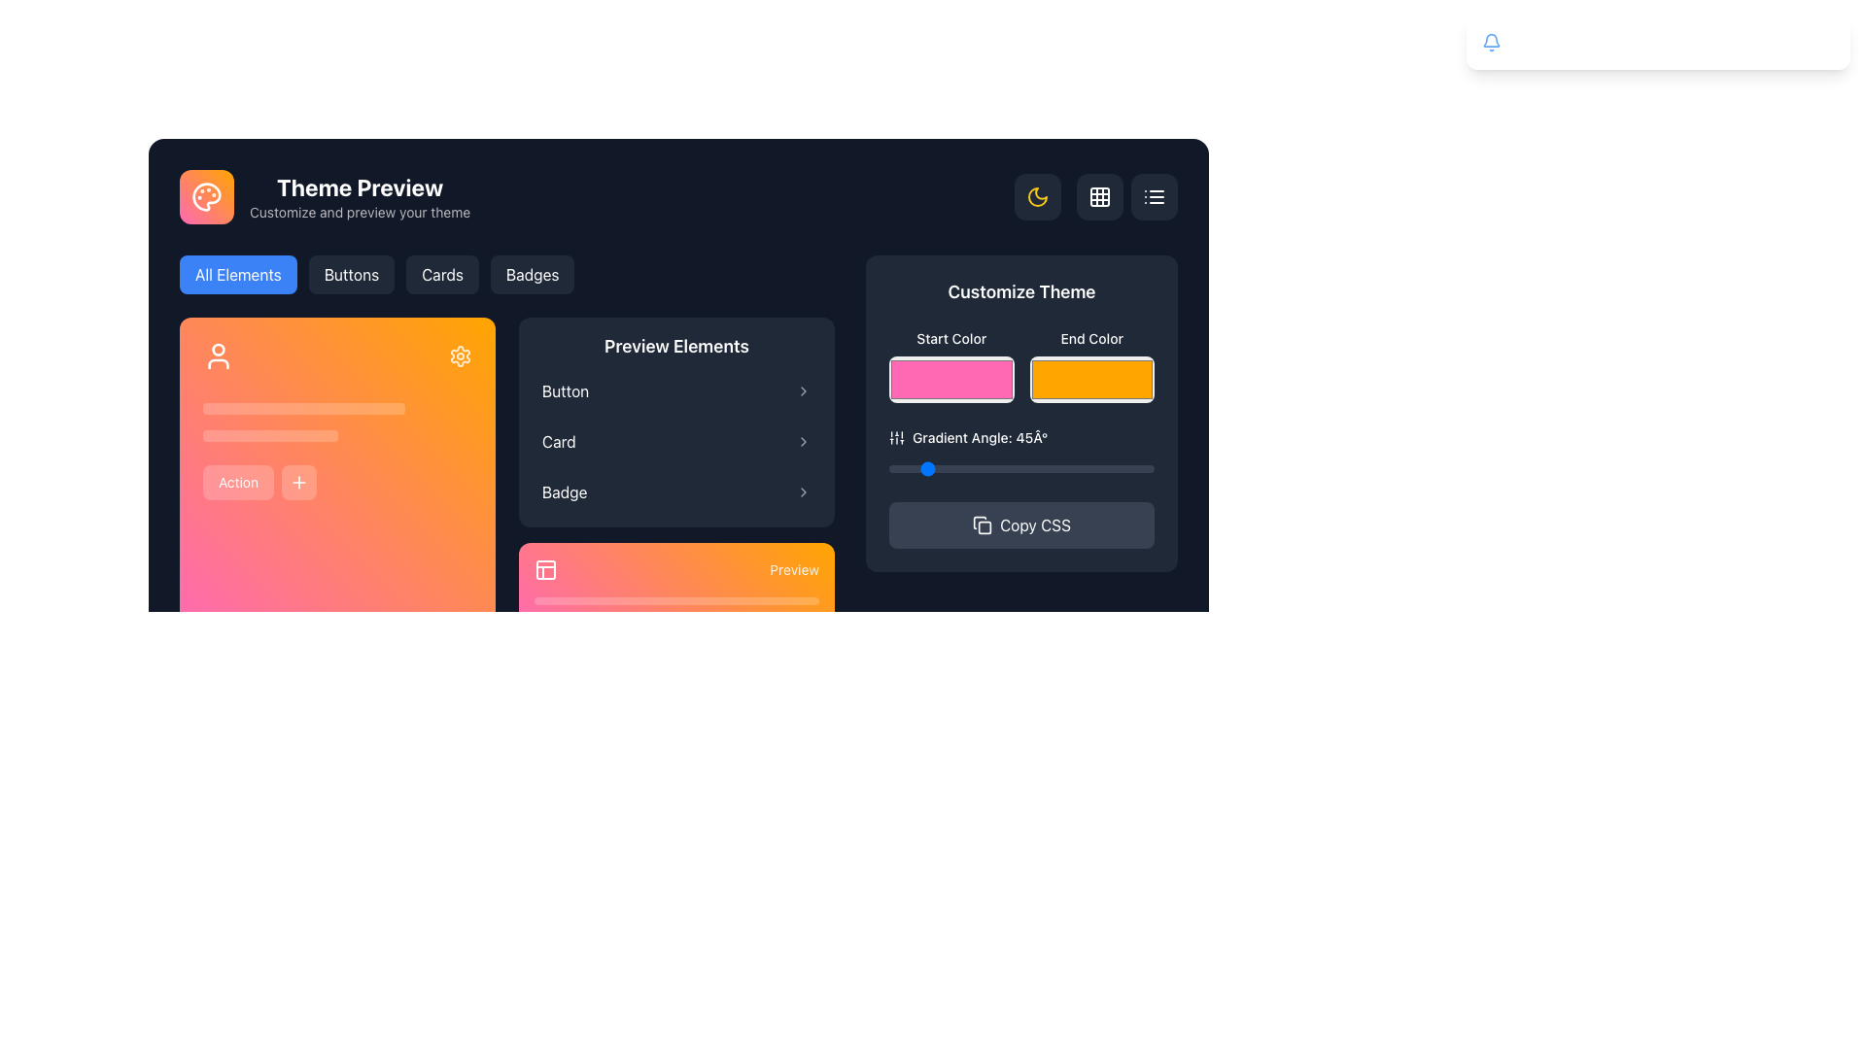  What do you see at coordinates (1013, 468) in the screenshot?
I see `the slider value` at bounding box center [1013, 468].